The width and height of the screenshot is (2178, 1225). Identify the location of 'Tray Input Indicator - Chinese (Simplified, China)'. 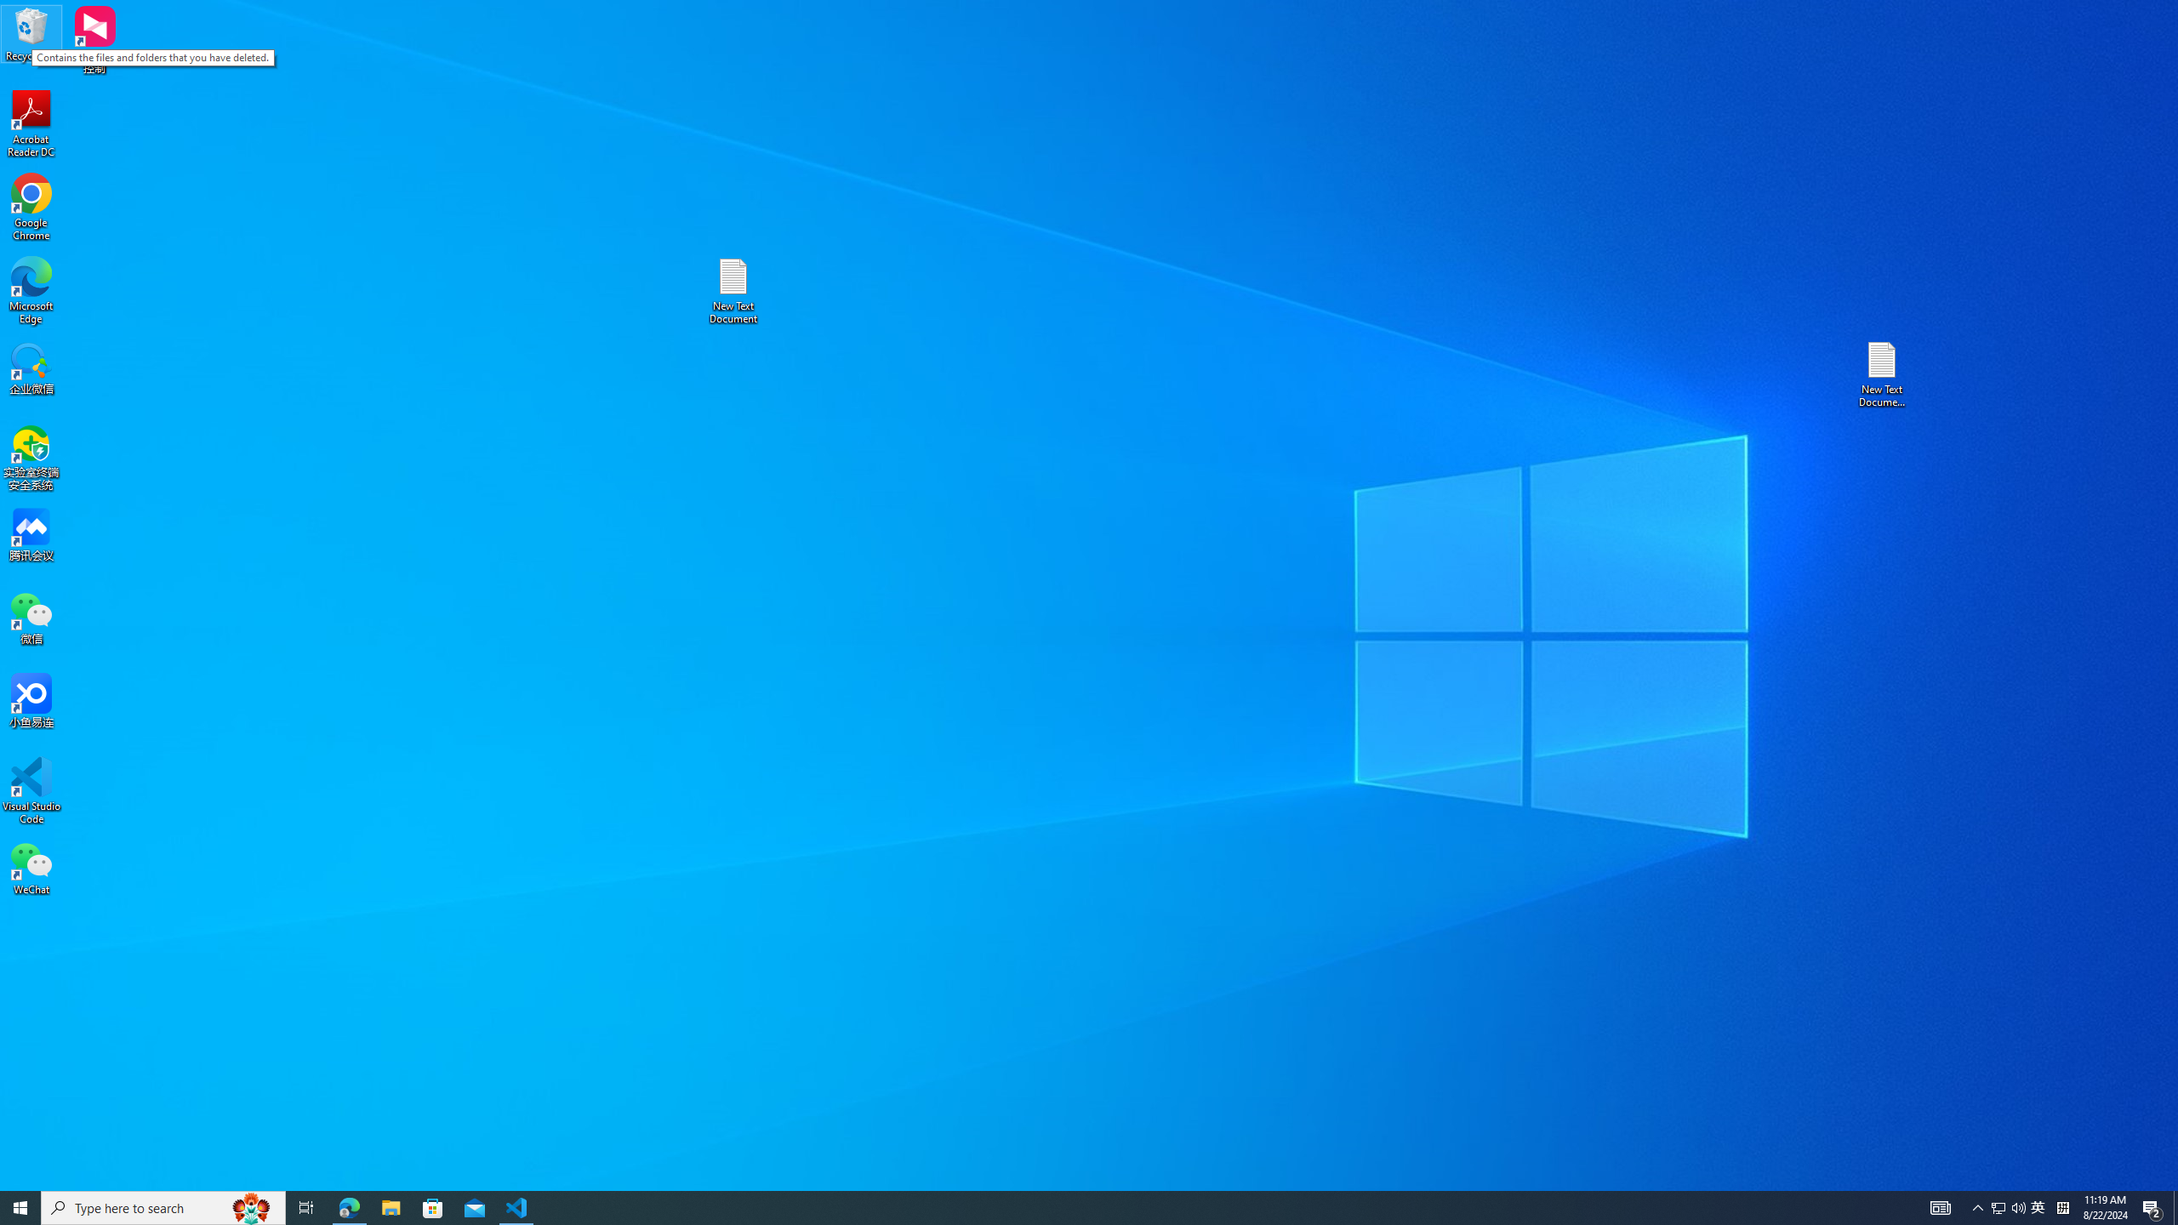
(2008, 1206).